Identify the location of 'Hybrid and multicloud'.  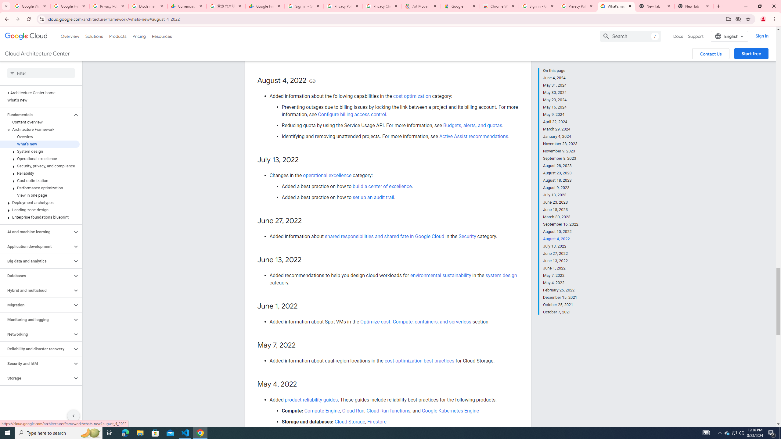
(36, 290).